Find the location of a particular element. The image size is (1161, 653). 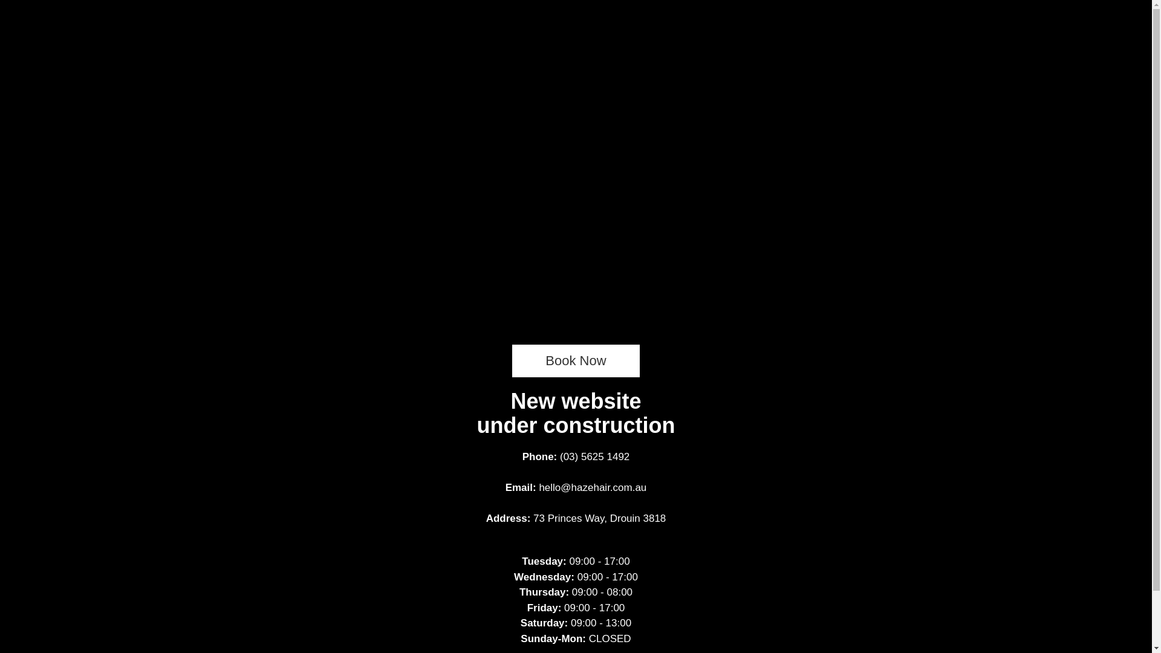

'Book Now' is located at coordinates (512, 360).